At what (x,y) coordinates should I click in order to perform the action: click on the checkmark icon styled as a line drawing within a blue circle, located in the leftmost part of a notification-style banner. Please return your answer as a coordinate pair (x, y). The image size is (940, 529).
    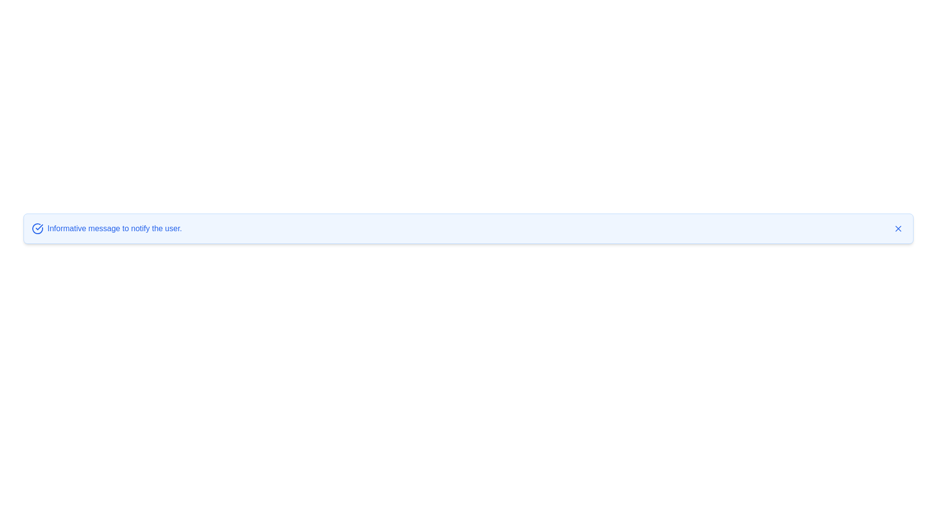
    Looking at the image, I should click on (39, 227).